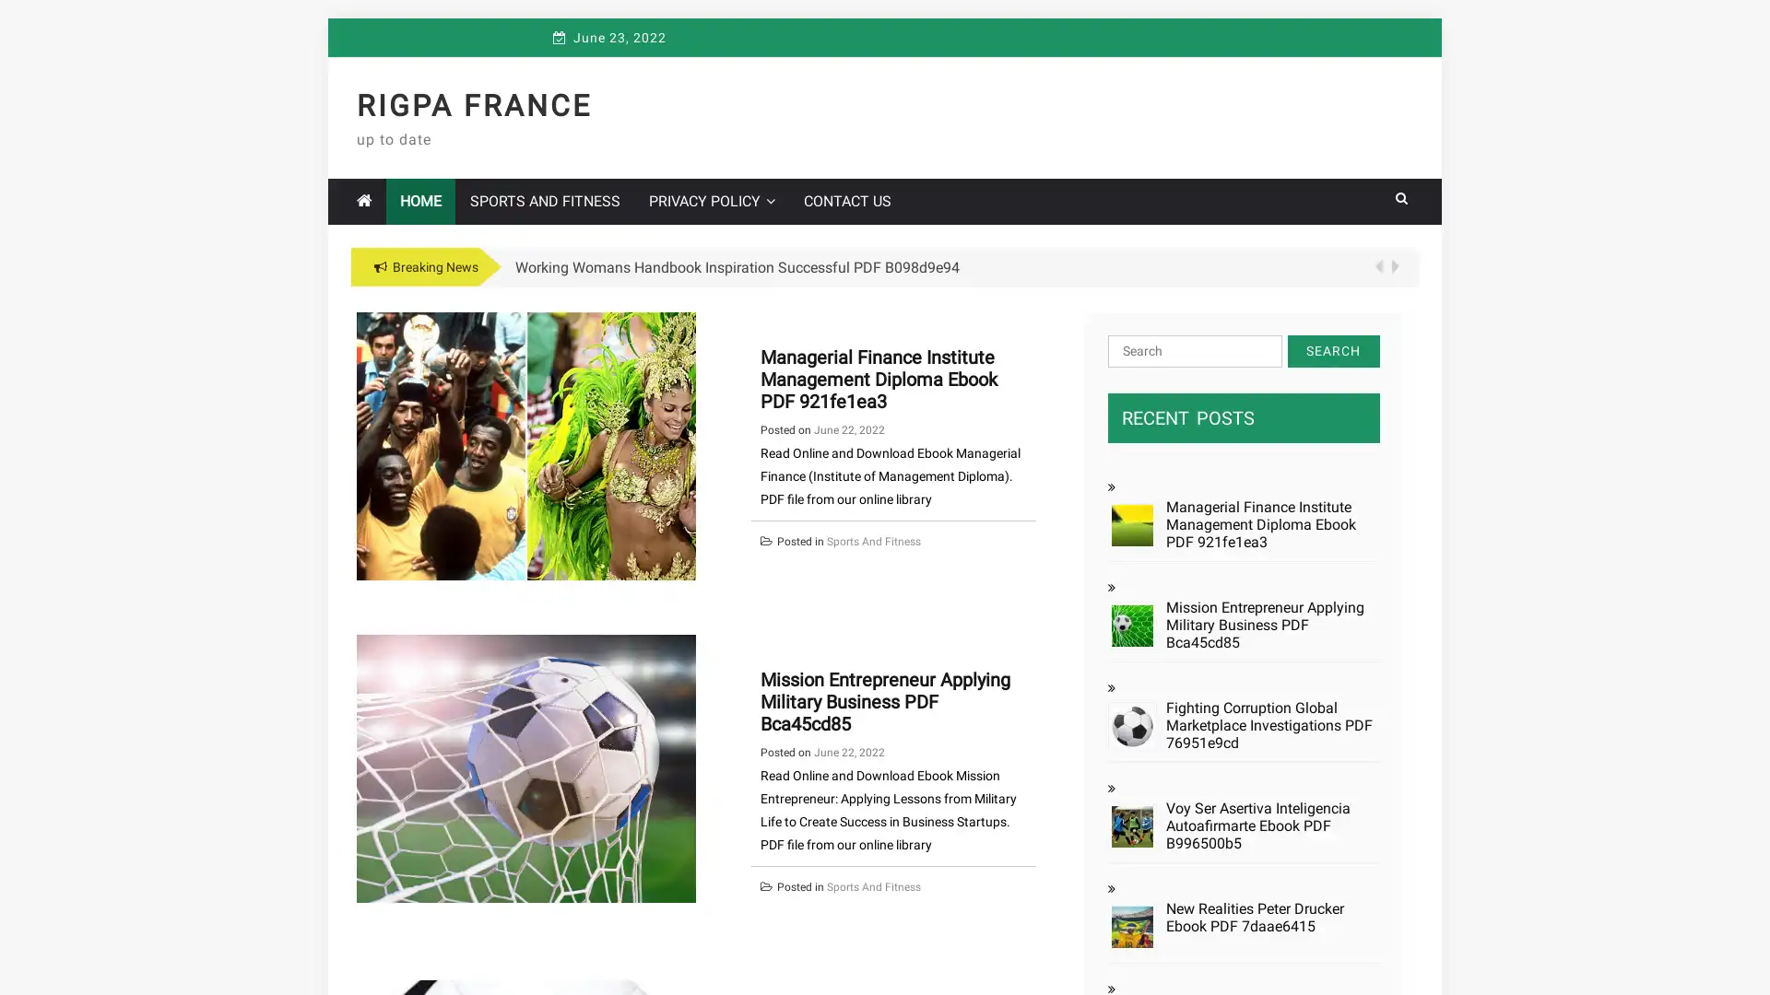 The image size is (1770, 995). I want to click on Search, so click(1332, 350).